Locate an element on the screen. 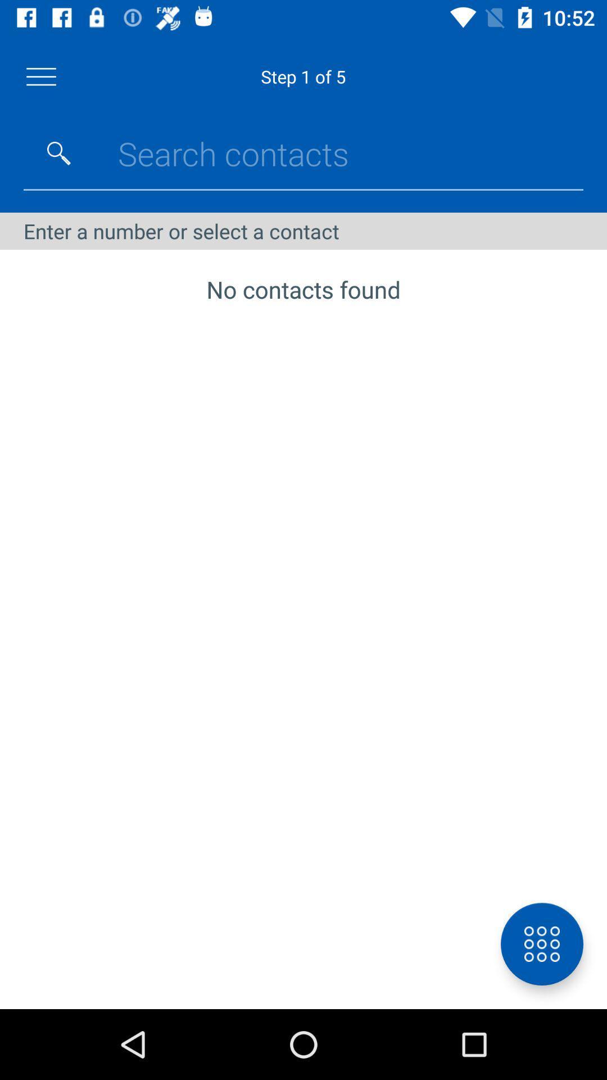 Image resolution: width=607 pixels, height=1080 pixels. search contacts is located at coordinates (58, 153).